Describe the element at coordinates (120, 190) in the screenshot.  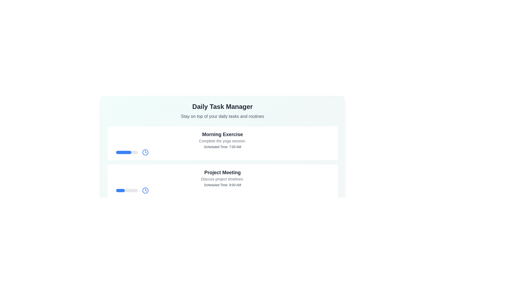
I see `the filled portion of the progress bar, which is blue and located below the 'Project Meeting' section, indicating approximately 40% completion` at that location.